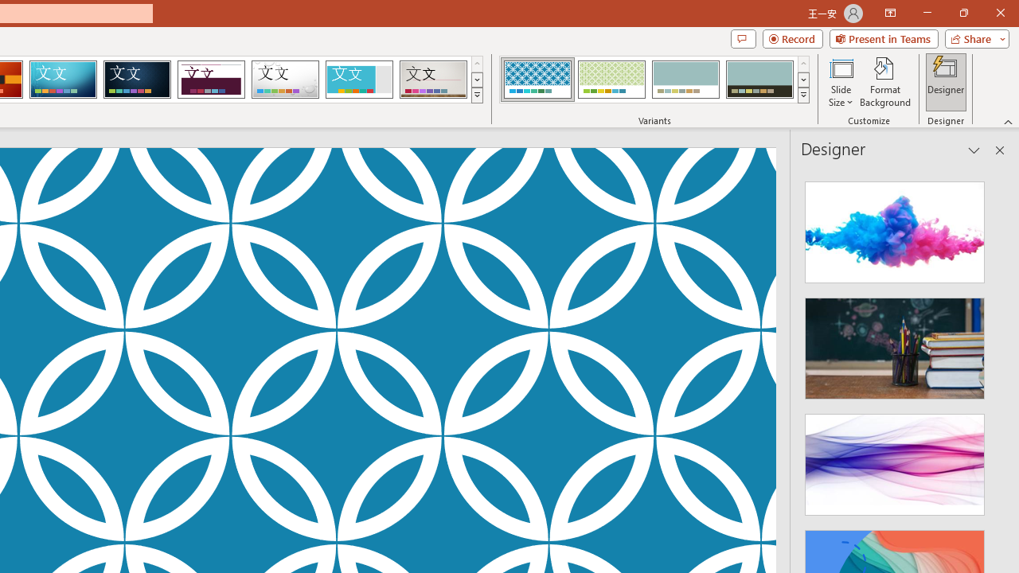  I want to click on 'Integral Variant 2', so click(611, 80).